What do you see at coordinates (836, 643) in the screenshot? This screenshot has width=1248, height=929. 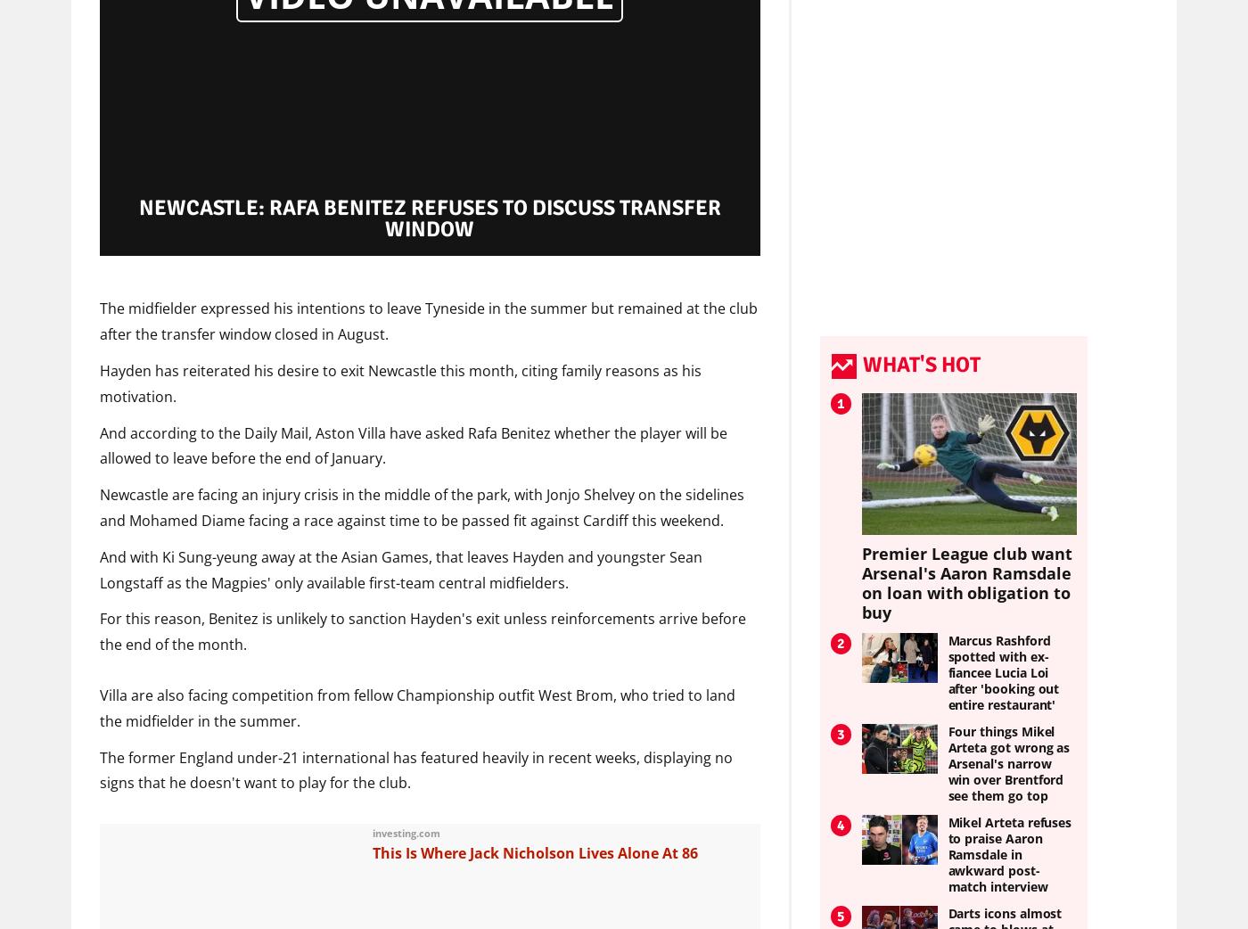 I see `'2'` at bounding box center [836, 643].